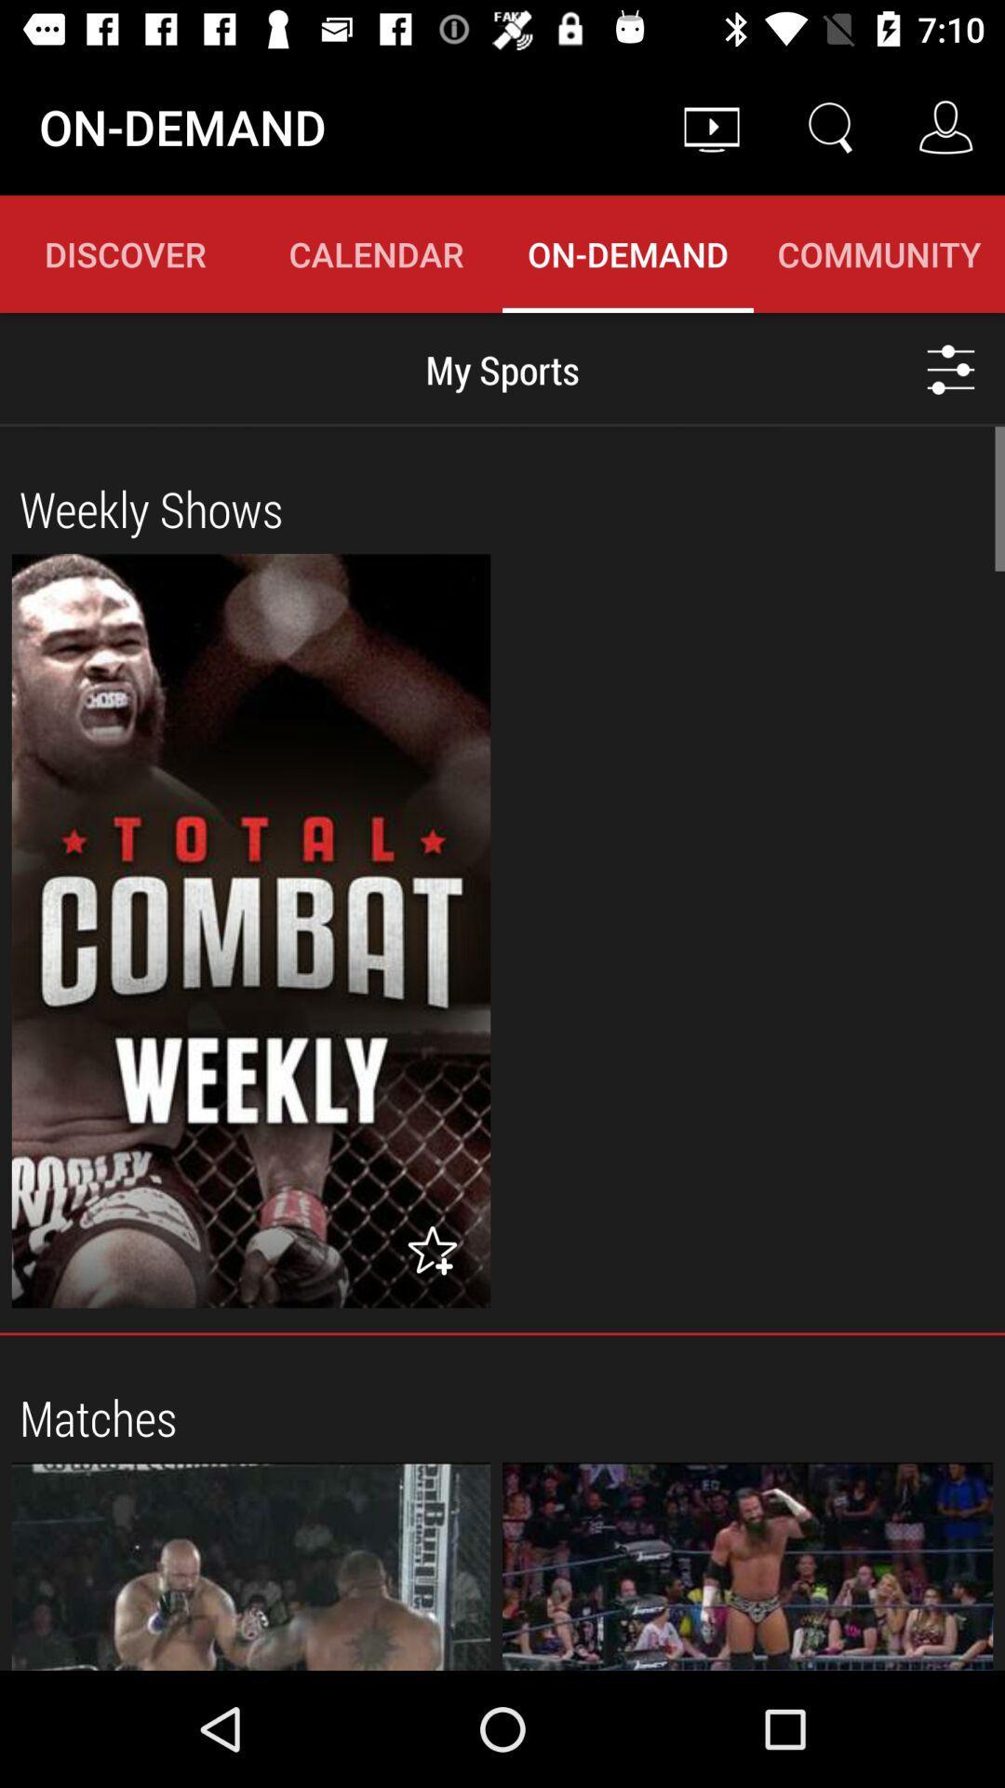 This screenshot has height=1788, width=1005. What do you see at coordinates (377, 253) in the screenshot?
I see `the button which is left side ondemand` at bounding box center [377, 253].